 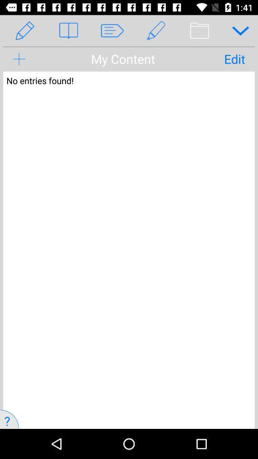 What do you see at coordinates (25, 31) in the screenshot?
I see `the edit icon` at bounding box center [25, 31].